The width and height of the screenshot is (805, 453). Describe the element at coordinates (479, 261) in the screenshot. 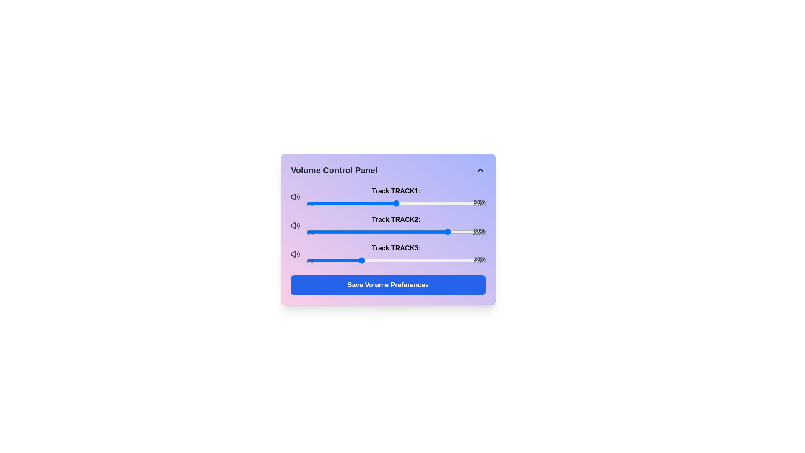

I see `the label indicating the maximum value of the adjacent slider in the Volume Control Panel, which displays '100%'` at that location.